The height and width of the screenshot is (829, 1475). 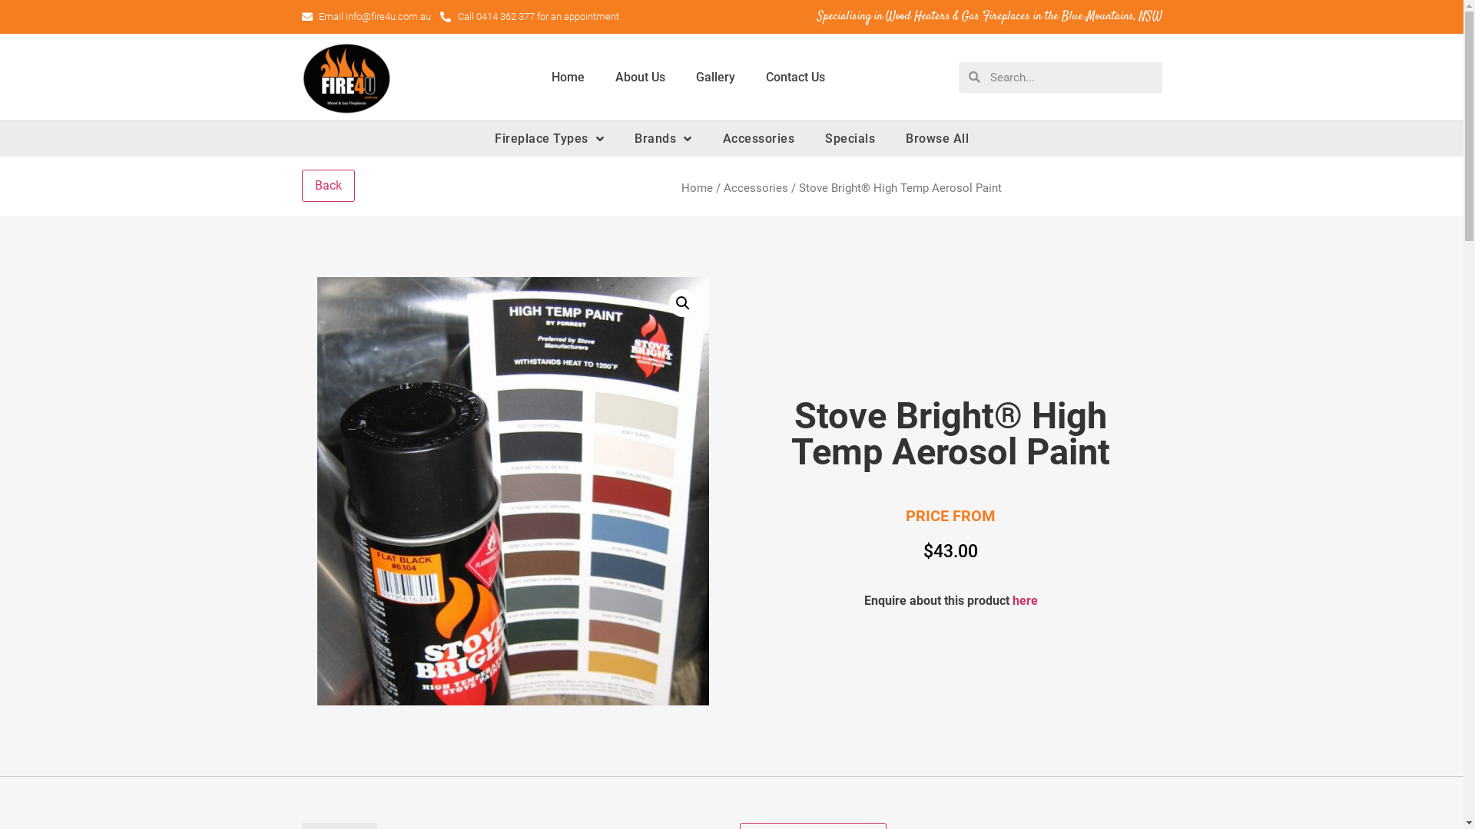 What do you see at coordinates (301, 17) in the screenshot?
I see `'Email info@fire4u.com.au'` at bounding box center [301, 17].